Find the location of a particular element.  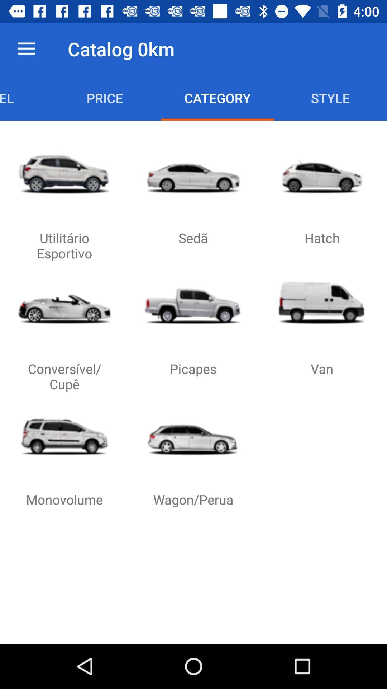

the text category the bold letters is located at coordinates (217, 98).